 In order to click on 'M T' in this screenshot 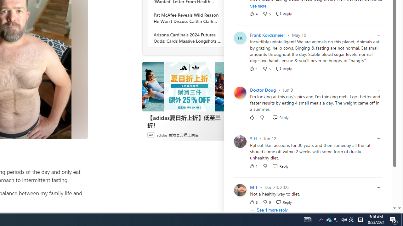, I will do `click(254, 187)`.